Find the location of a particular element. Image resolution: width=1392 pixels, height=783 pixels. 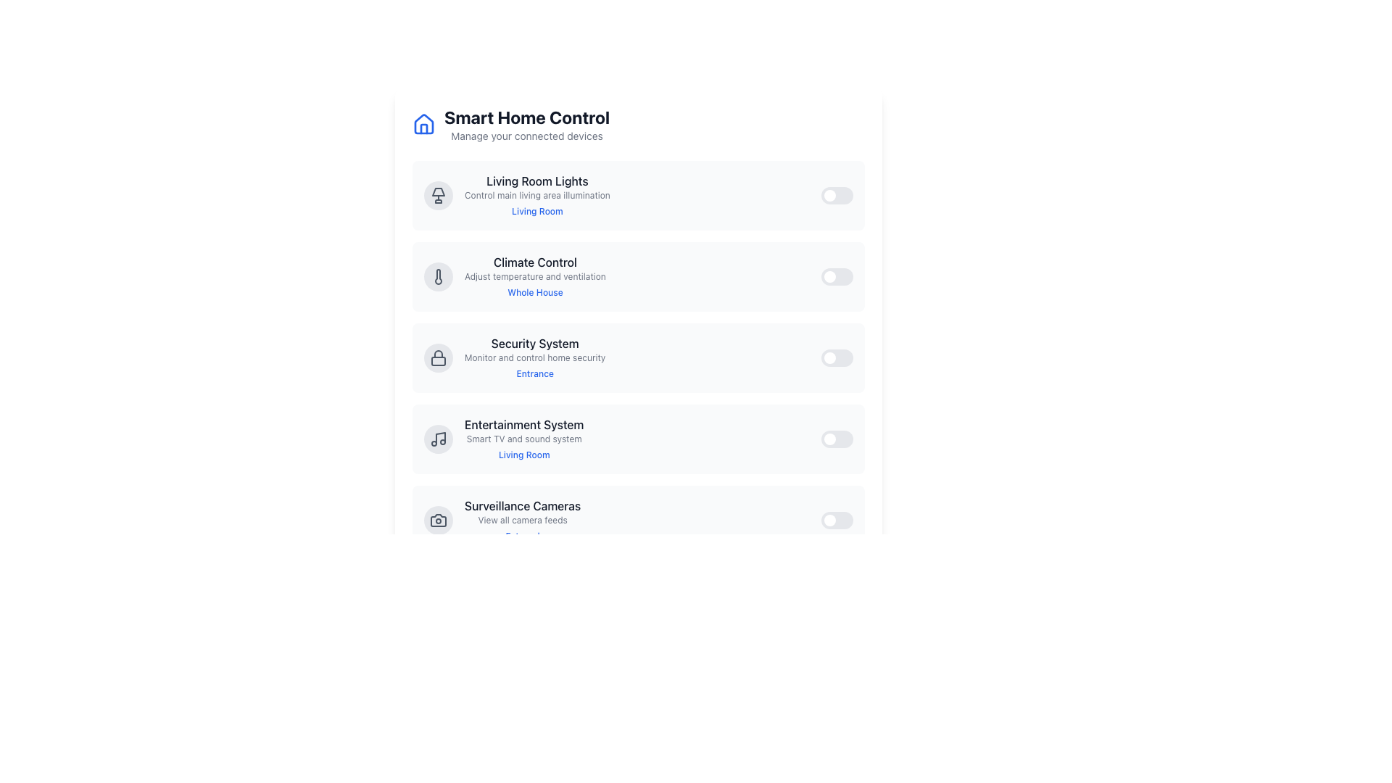

the informational text element displaying 'Adjust temperature and ventilation' located in the 'Climate Control' section is located at coordinates (534, 276).